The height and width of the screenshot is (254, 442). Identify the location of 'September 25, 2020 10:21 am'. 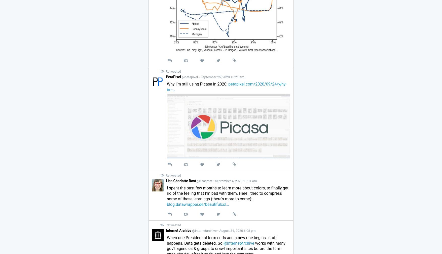
(222, 77).